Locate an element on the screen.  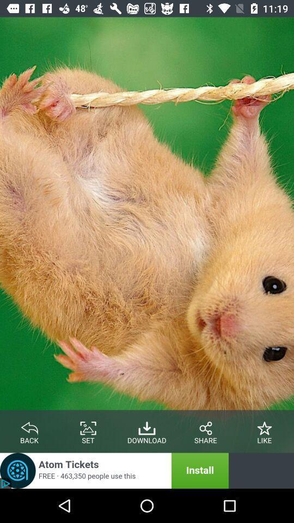
set as option is located at coordinates (88, 426).